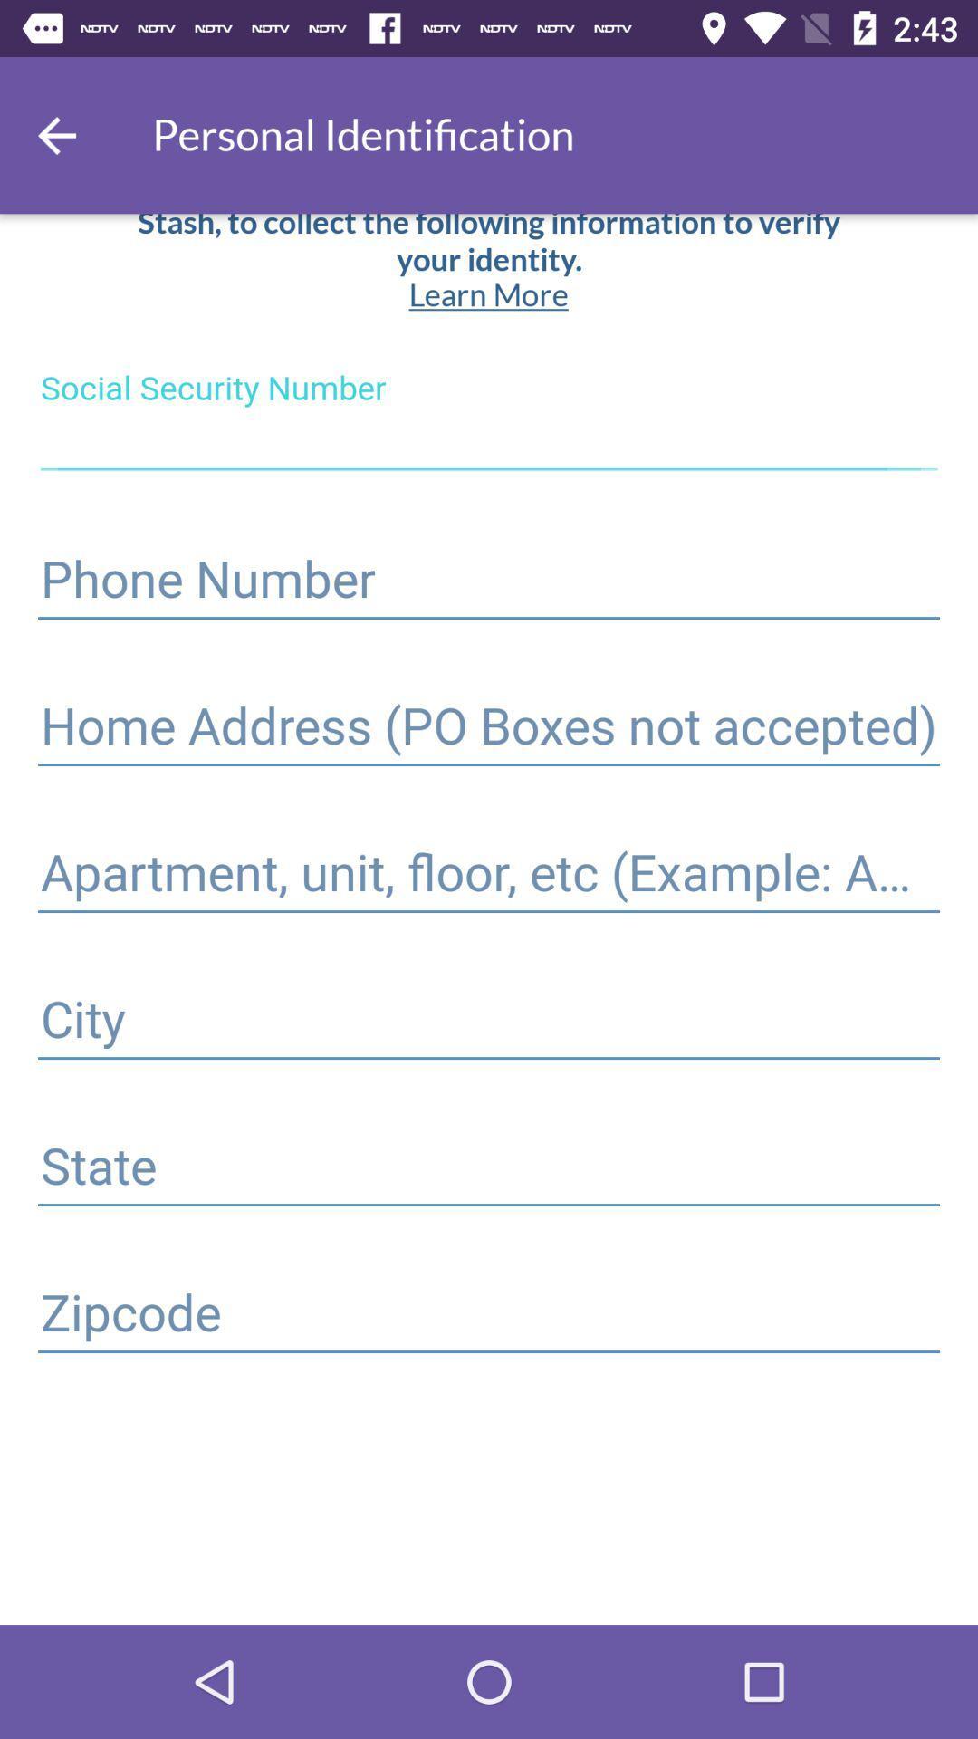 The image size is (978, 1739). Describe the element at coordinates (55, 134) in the screenshot. I see `the arrow_backward icon` at that location.